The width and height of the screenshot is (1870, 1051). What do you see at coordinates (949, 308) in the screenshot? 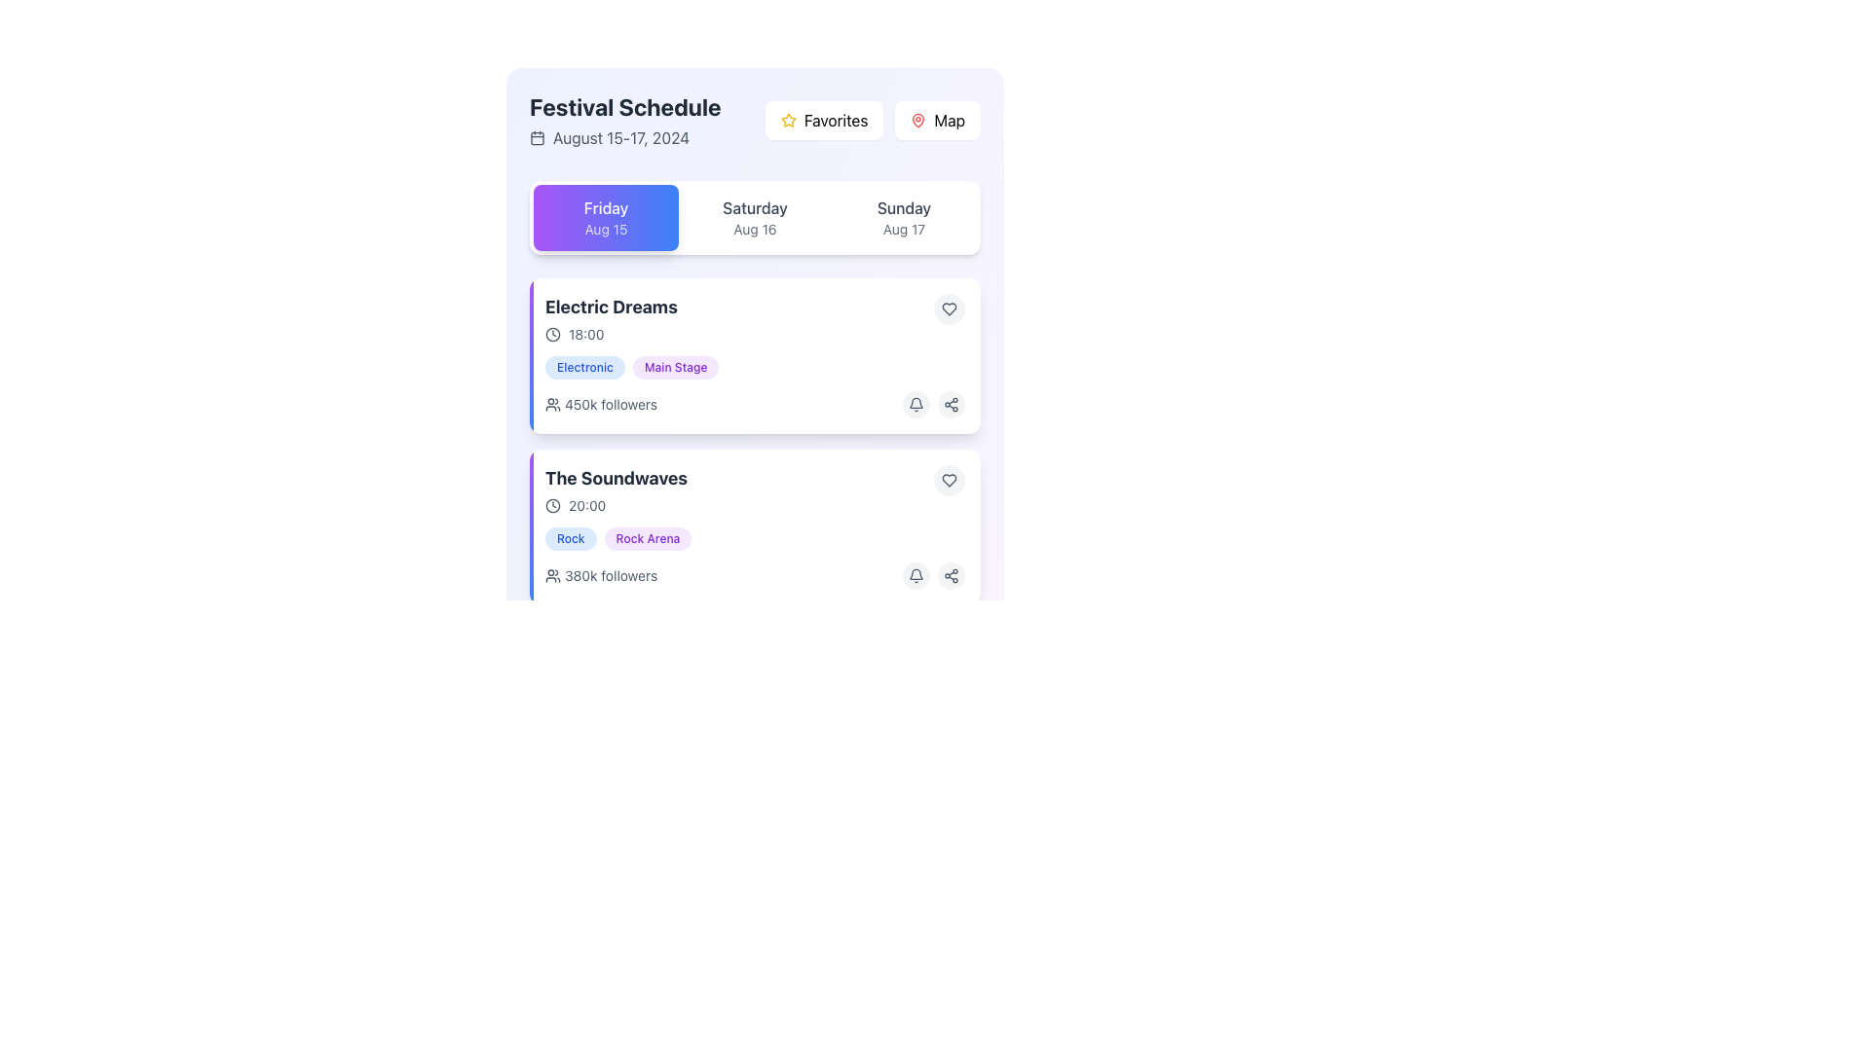
I see `the heart icon located in the middle-right section of the 'The Soundwaves' card to trigger tooltip or visual feedback` at bounding box center [949, 308].